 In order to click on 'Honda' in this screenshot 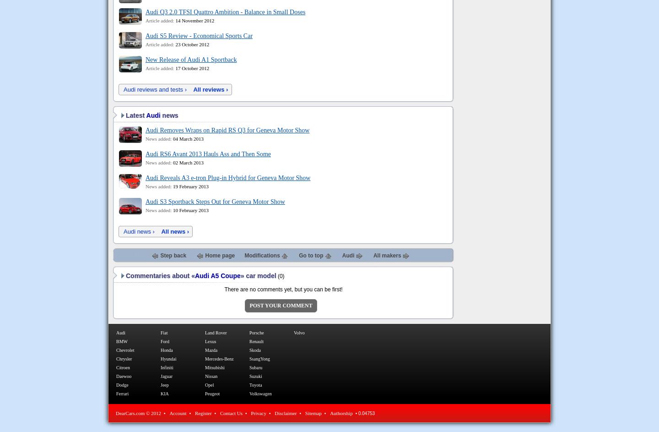, I will do `click(166, 350)`.